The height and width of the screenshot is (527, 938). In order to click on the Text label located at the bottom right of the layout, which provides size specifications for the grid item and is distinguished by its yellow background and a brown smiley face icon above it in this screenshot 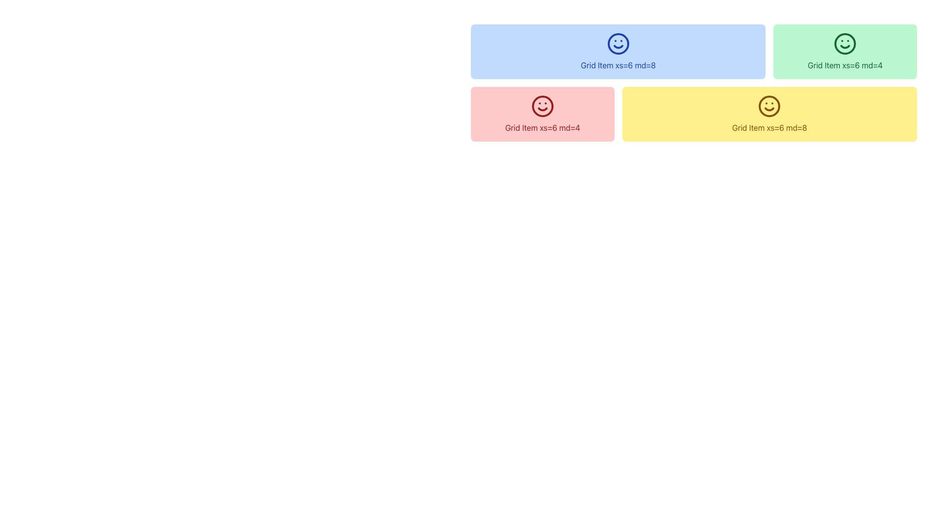, I will do `click(786, 127)`.